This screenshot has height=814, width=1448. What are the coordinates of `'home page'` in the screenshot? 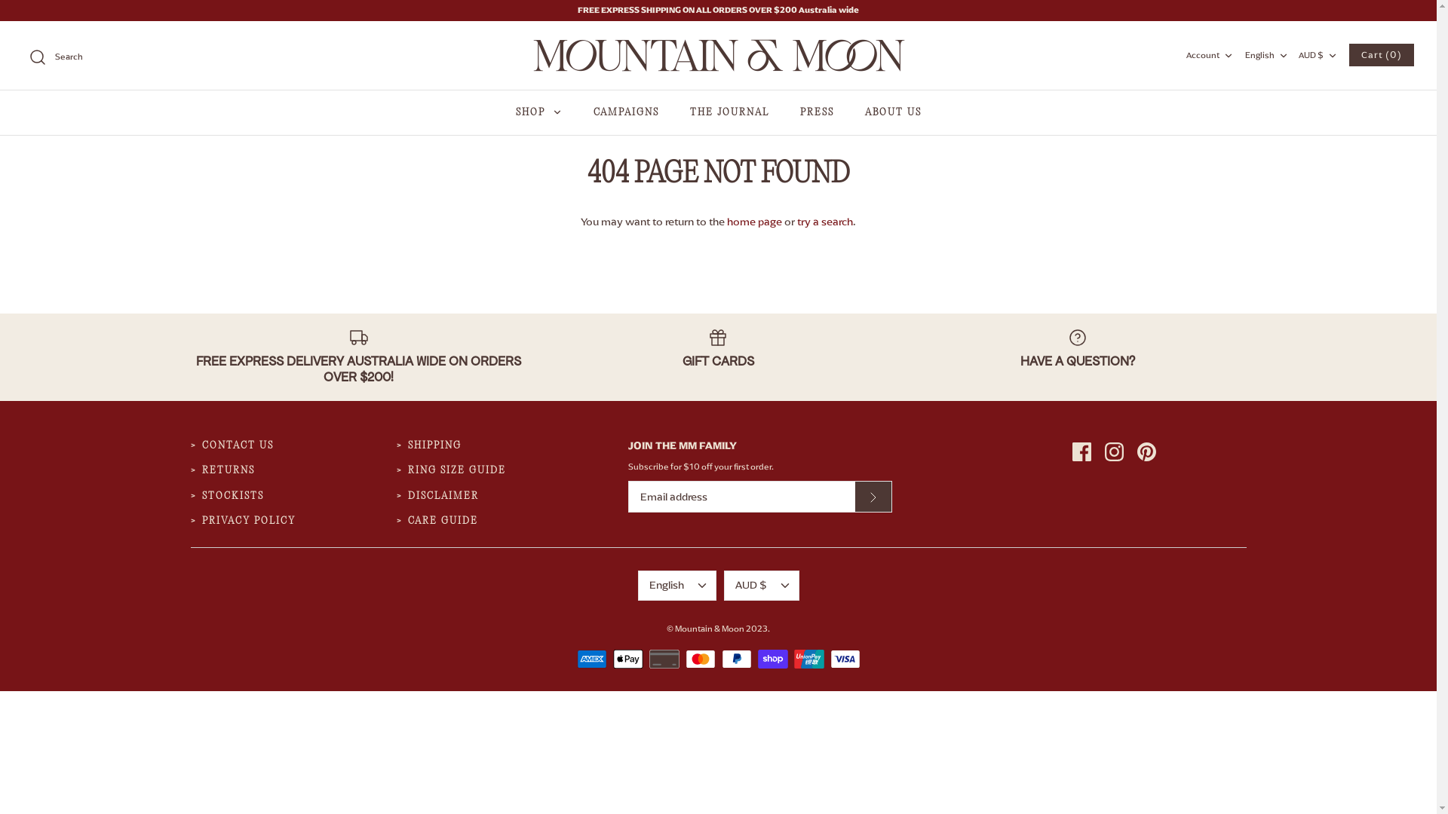 It's located at (754, 221).